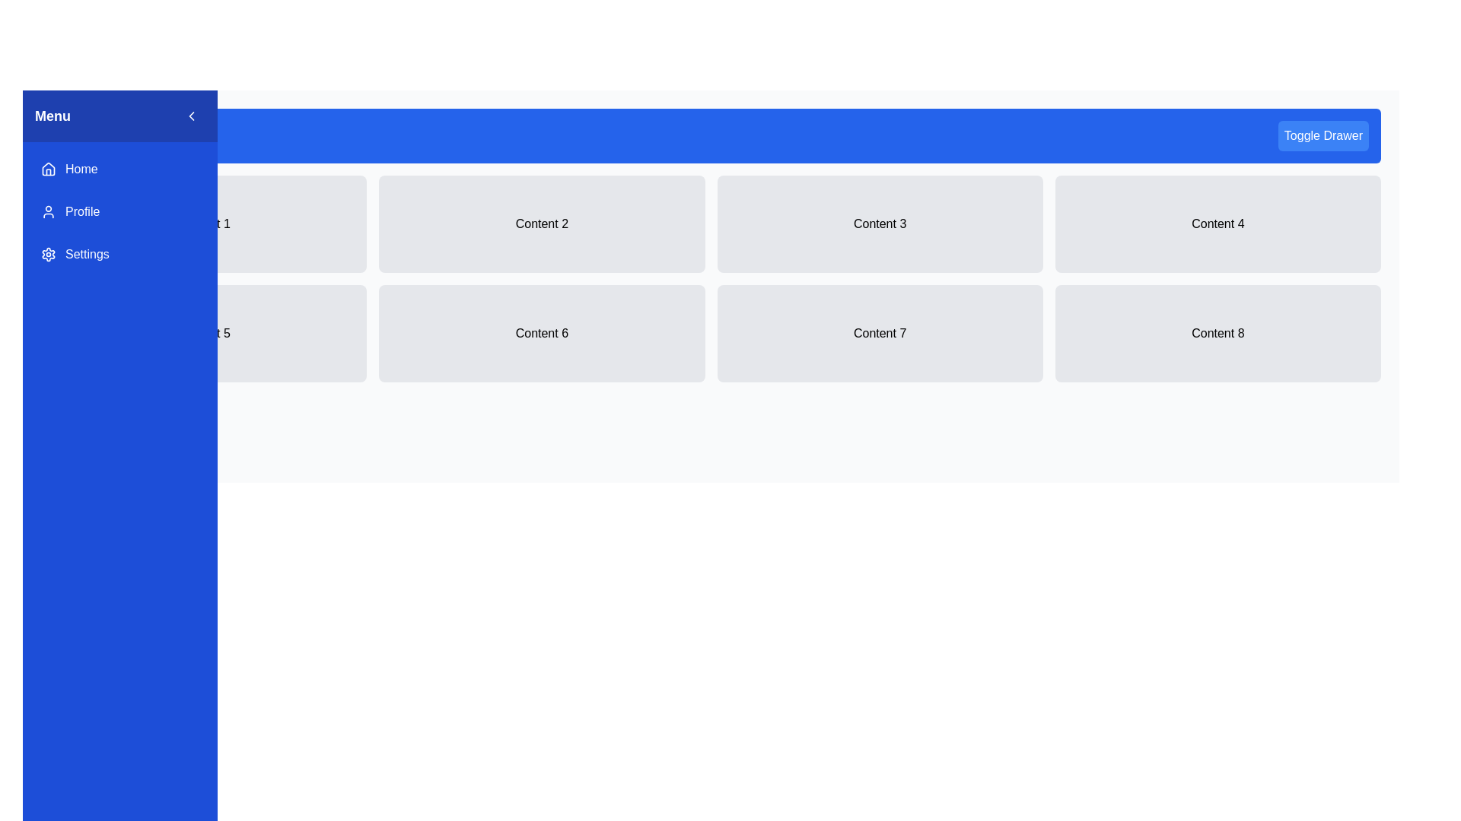  What do you see at coordinates (191, 116) in the screenshot?
I see `the button located in the top-right corner of the menu header` at bounding box center [191, 116].